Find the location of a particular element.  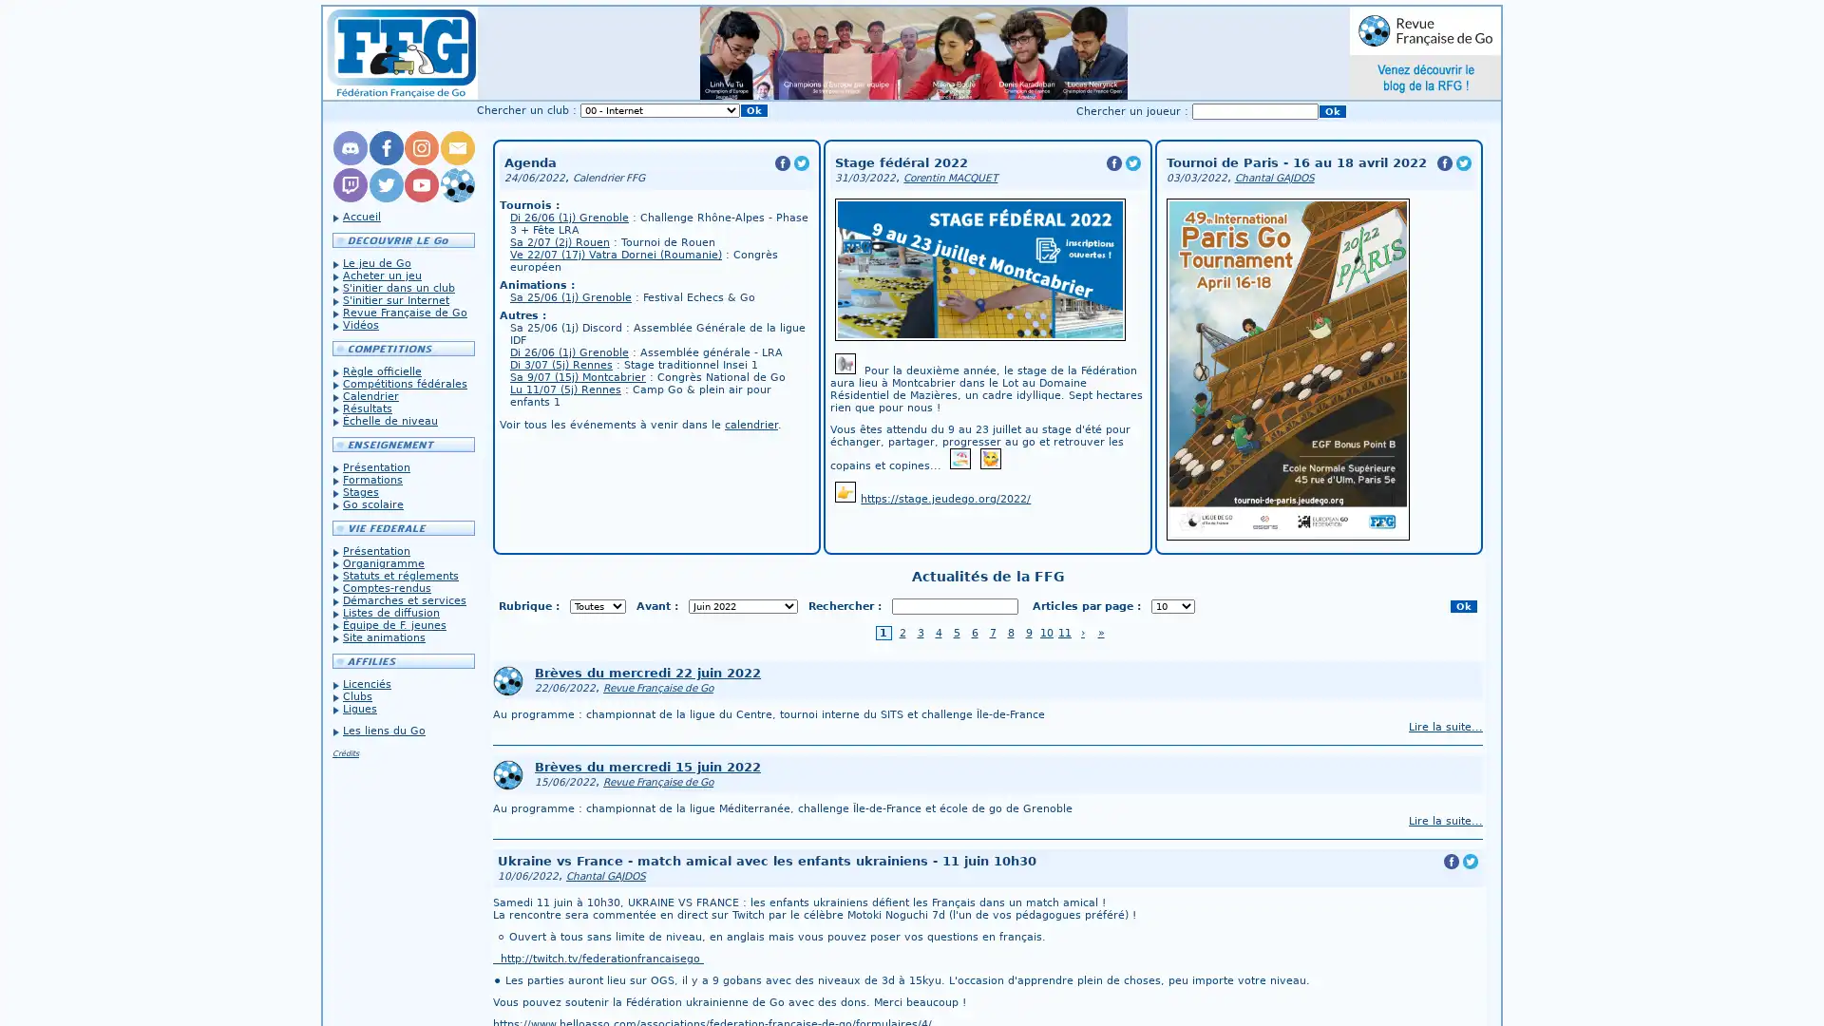

Ok is located at coordinates (1331, 111).